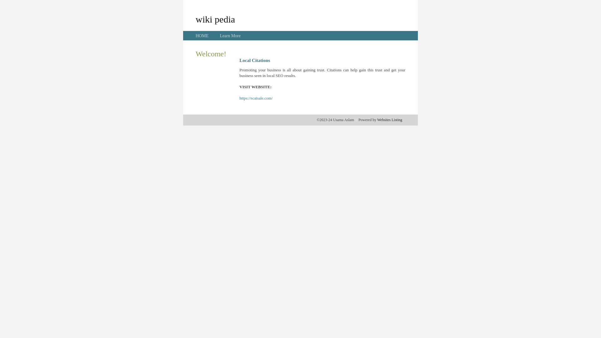  What do you see at coordinates (389, 120) in the screenshot?
I see `'Websites Listing'` at bounding box center [389, 120].